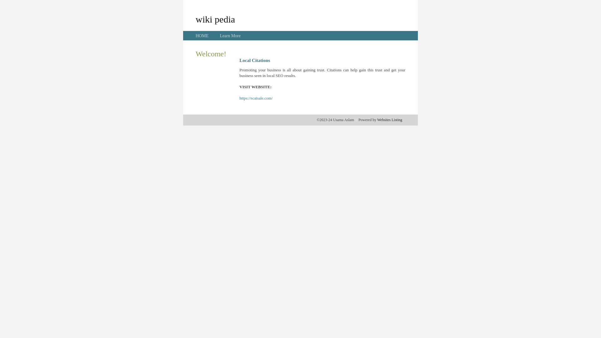  What do you see at coordinates (389, 120) in the screenshot?
I see `'Websites Listing'` at bounding box center [389, 120].